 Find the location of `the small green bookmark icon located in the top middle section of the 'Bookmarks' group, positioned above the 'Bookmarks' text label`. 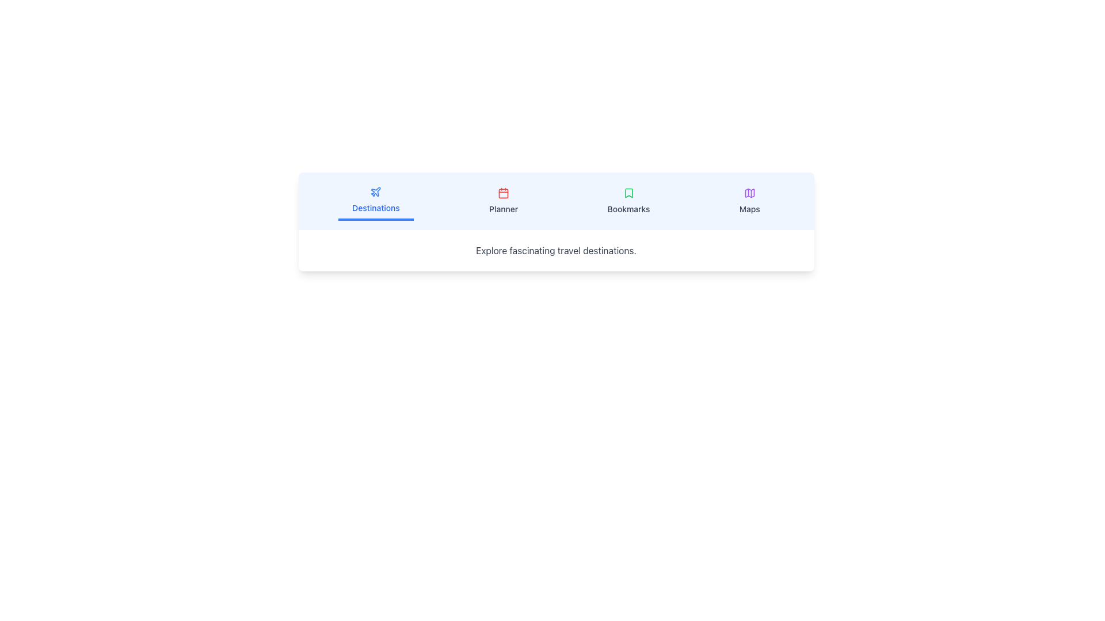

the small green bookmark icon located in the top middle section of the 'Bookmarks' group, positioned above the 'Bookmarks' text label is located at coordinates (628, 192).